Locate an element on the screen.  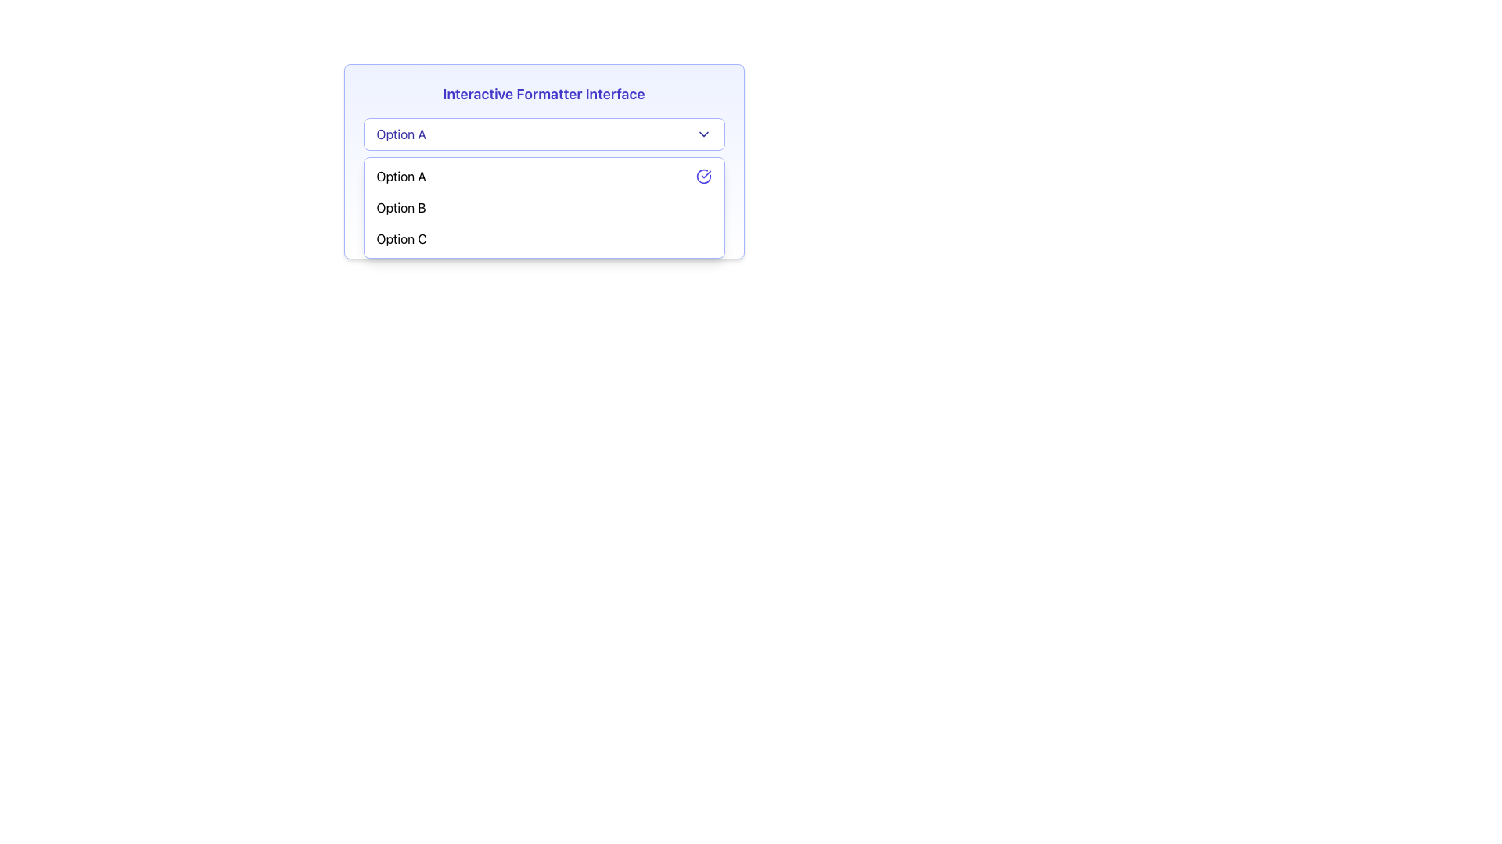
the dropdown menu option labeled 'Option A' is located at coordinates (401, 176).